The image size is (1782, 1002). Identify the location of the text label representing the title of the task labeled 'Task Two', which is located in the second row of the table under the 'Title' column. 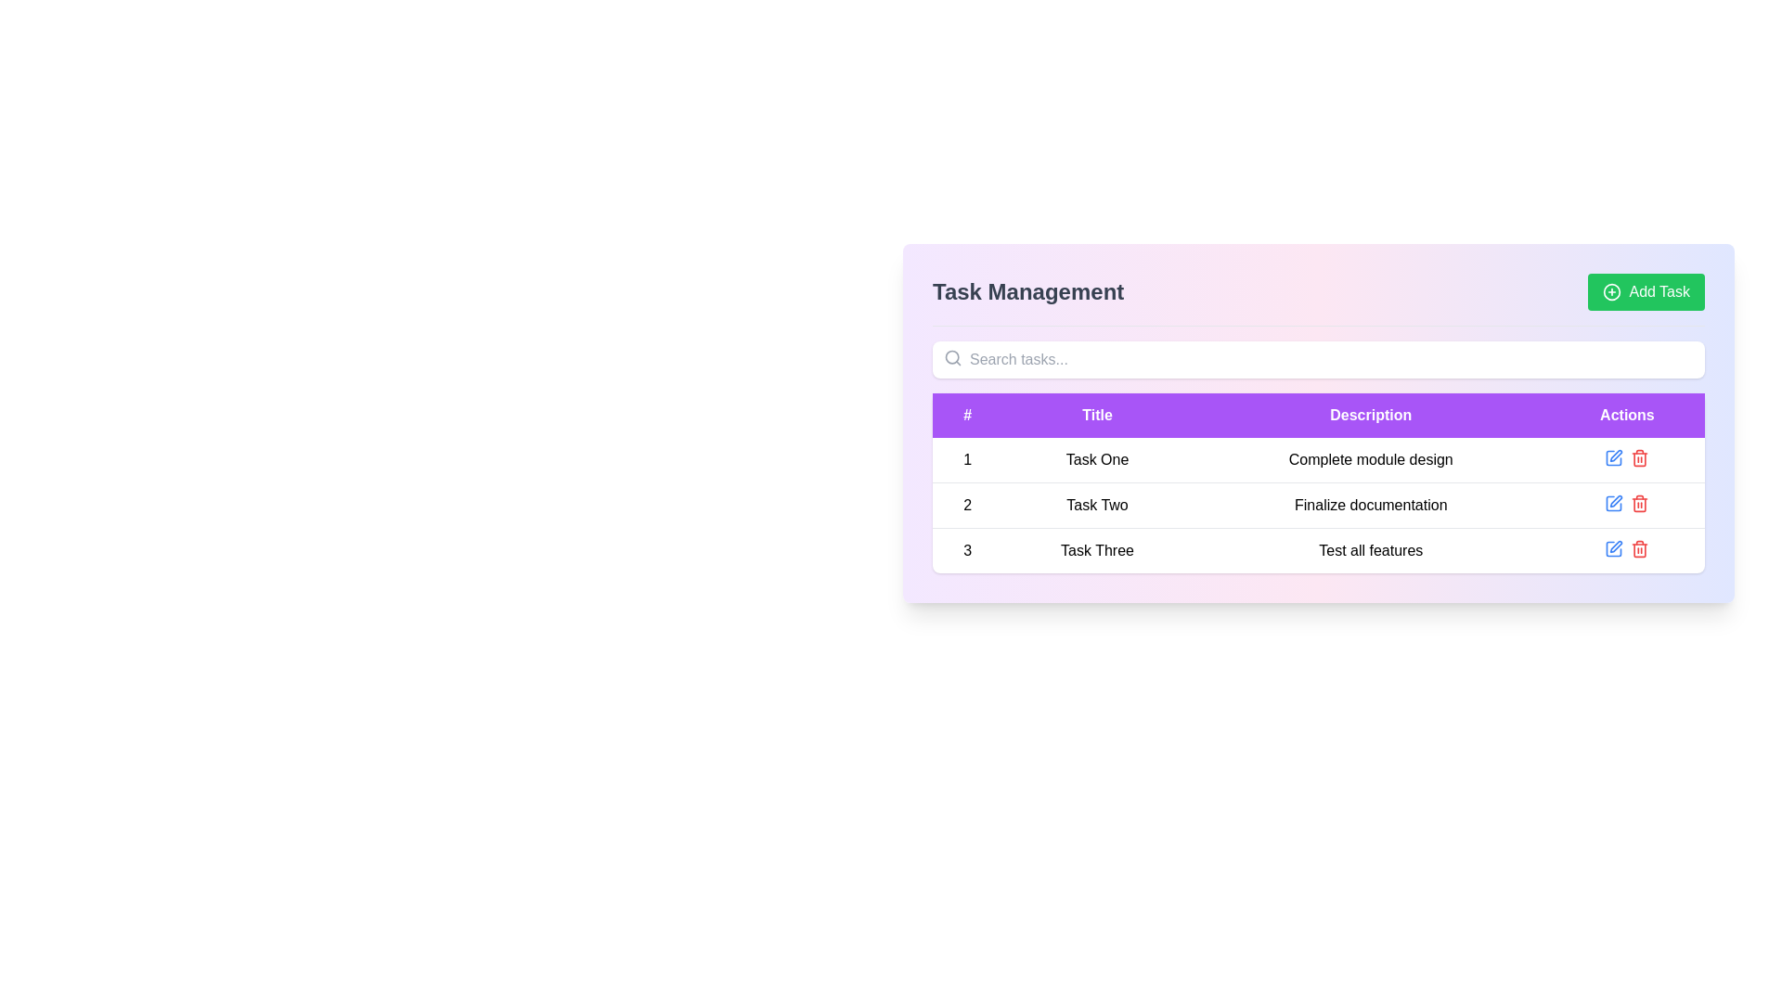
(1097, 505).